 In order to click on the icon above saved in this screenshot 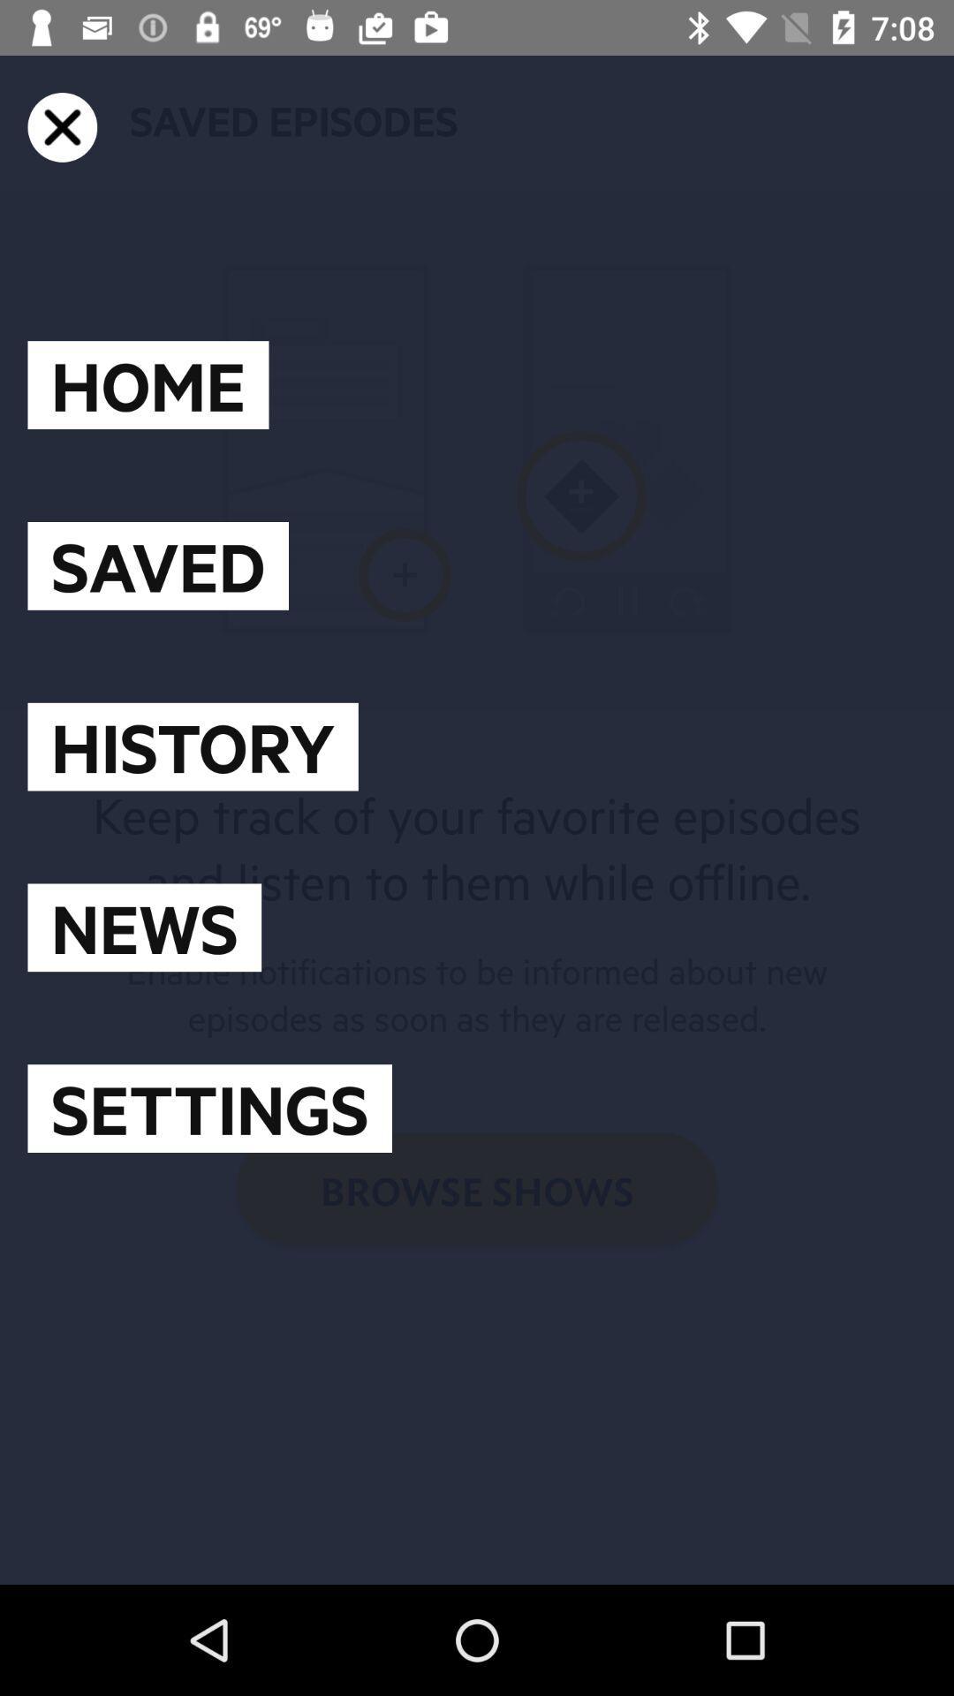, I will do `click(148, 384)`.